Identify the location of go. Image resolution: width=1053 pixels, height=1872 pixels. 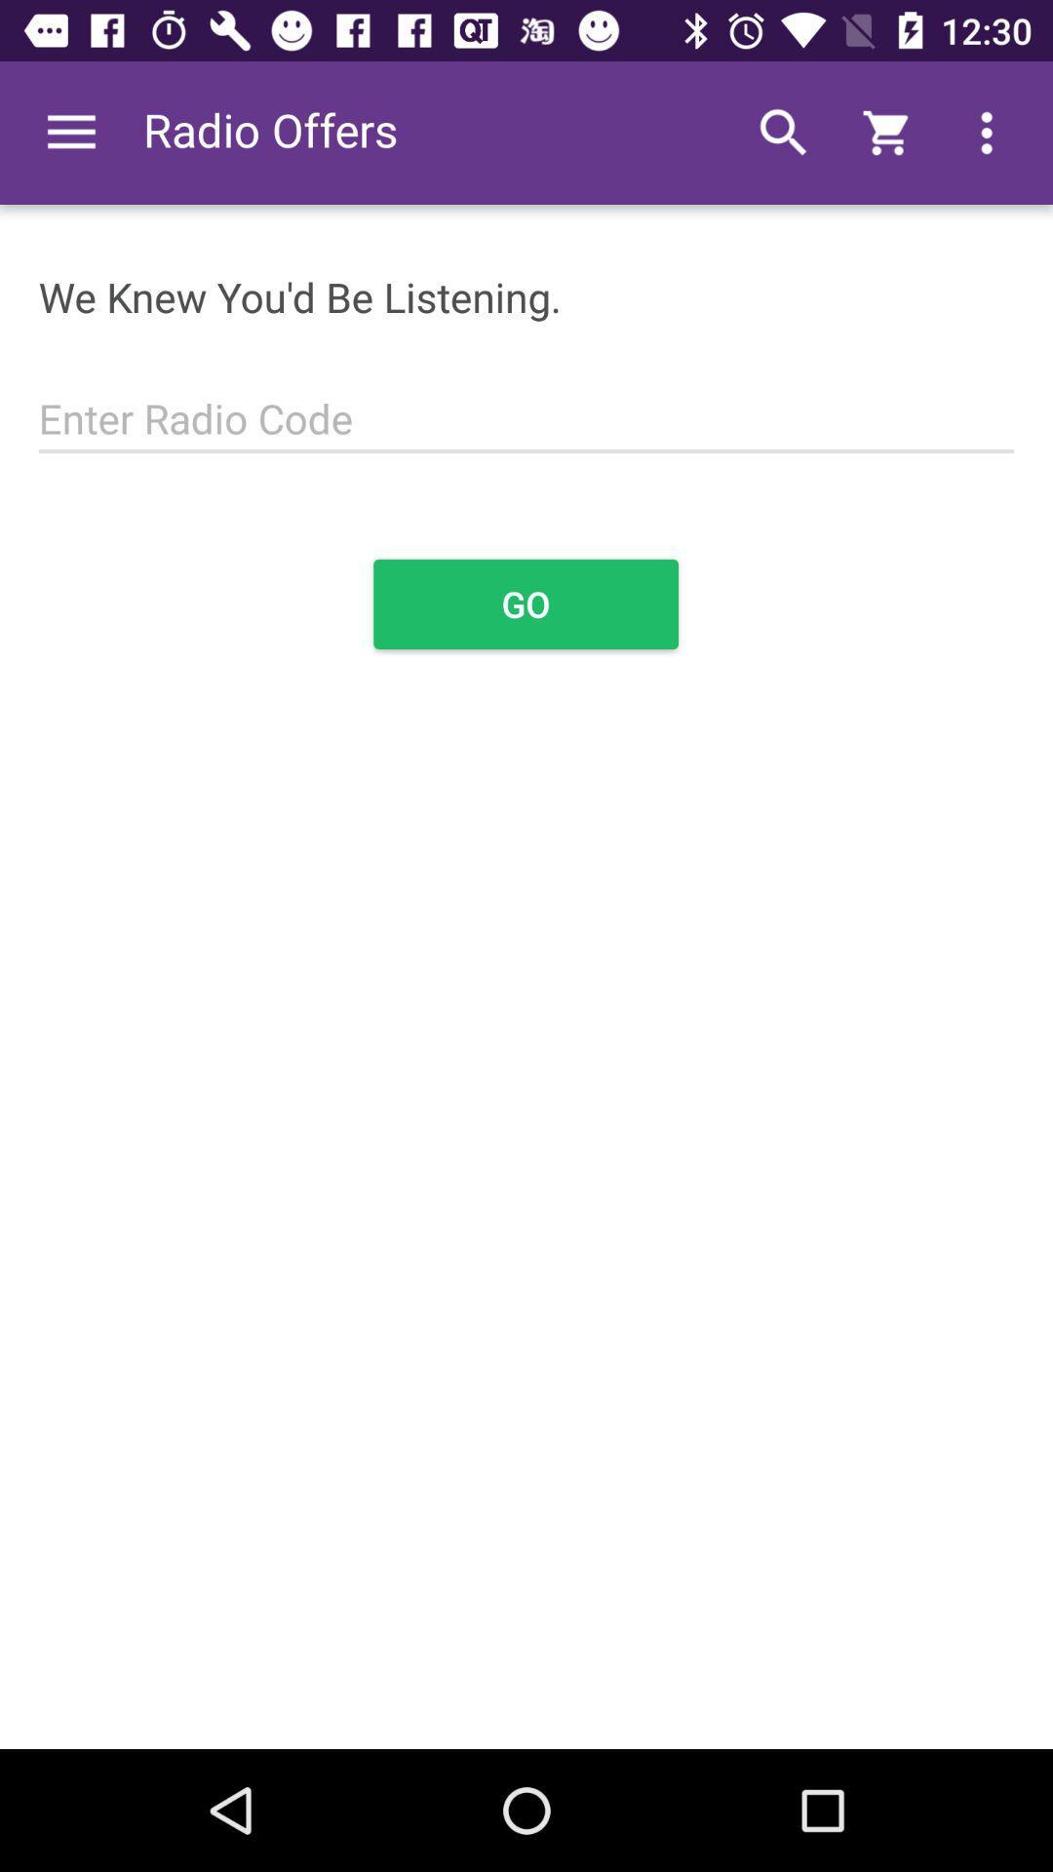
(525, 603).